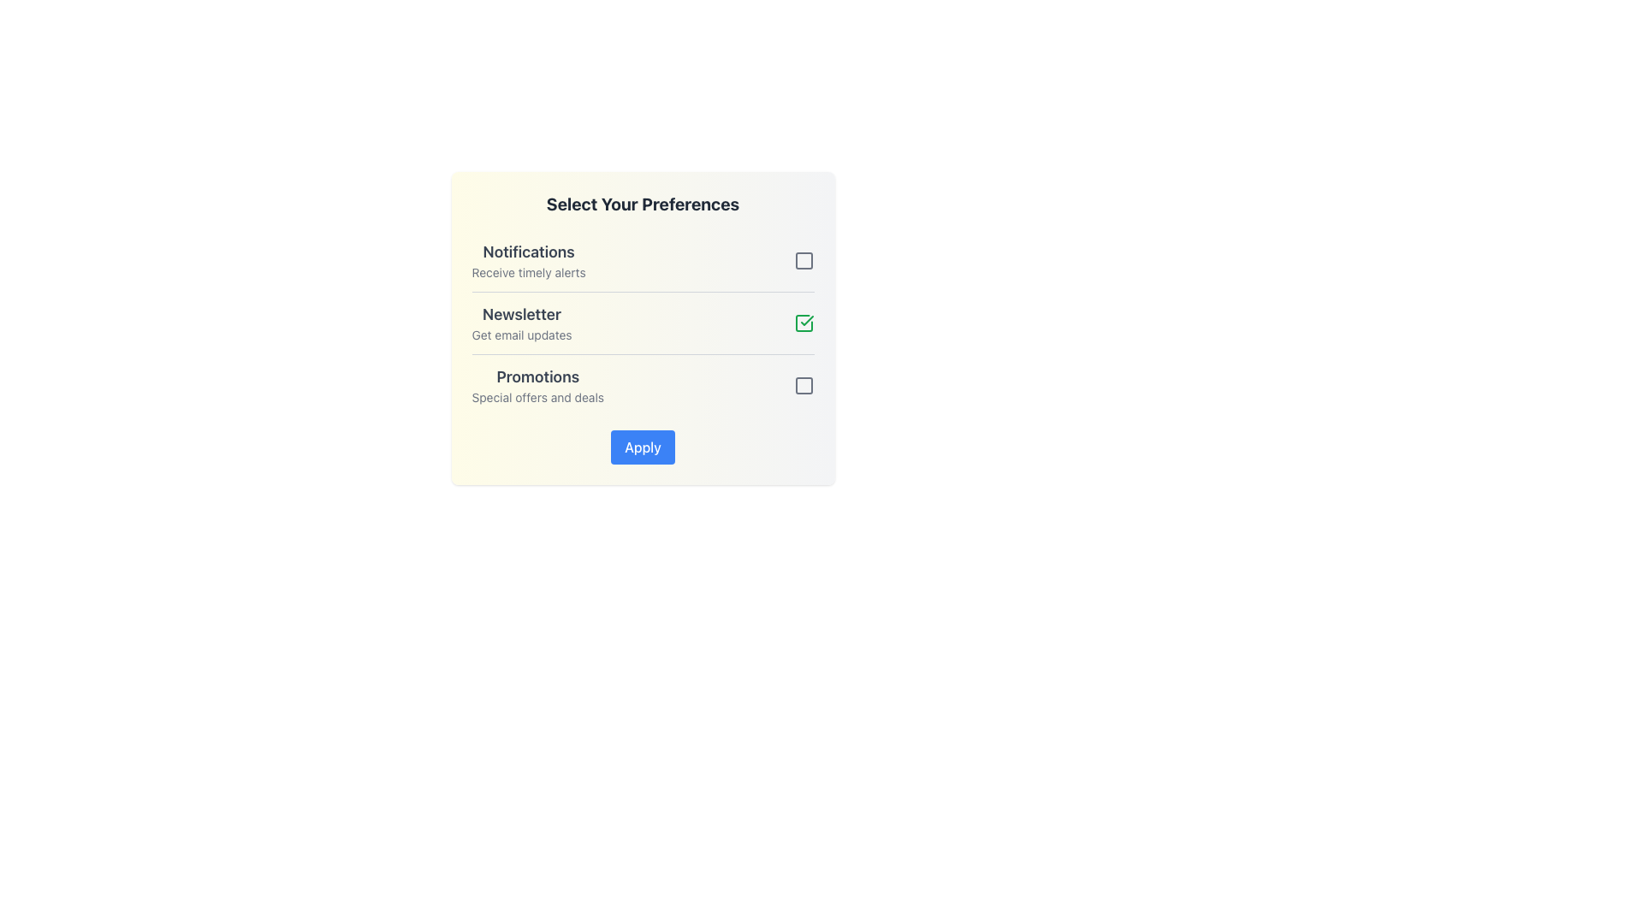  I want to click on the Text Block containing the heading 'Notifications' and the text 'Receive timely alerts', which is positioned at the top of a list of preferences in the modal, so click(528, 260).